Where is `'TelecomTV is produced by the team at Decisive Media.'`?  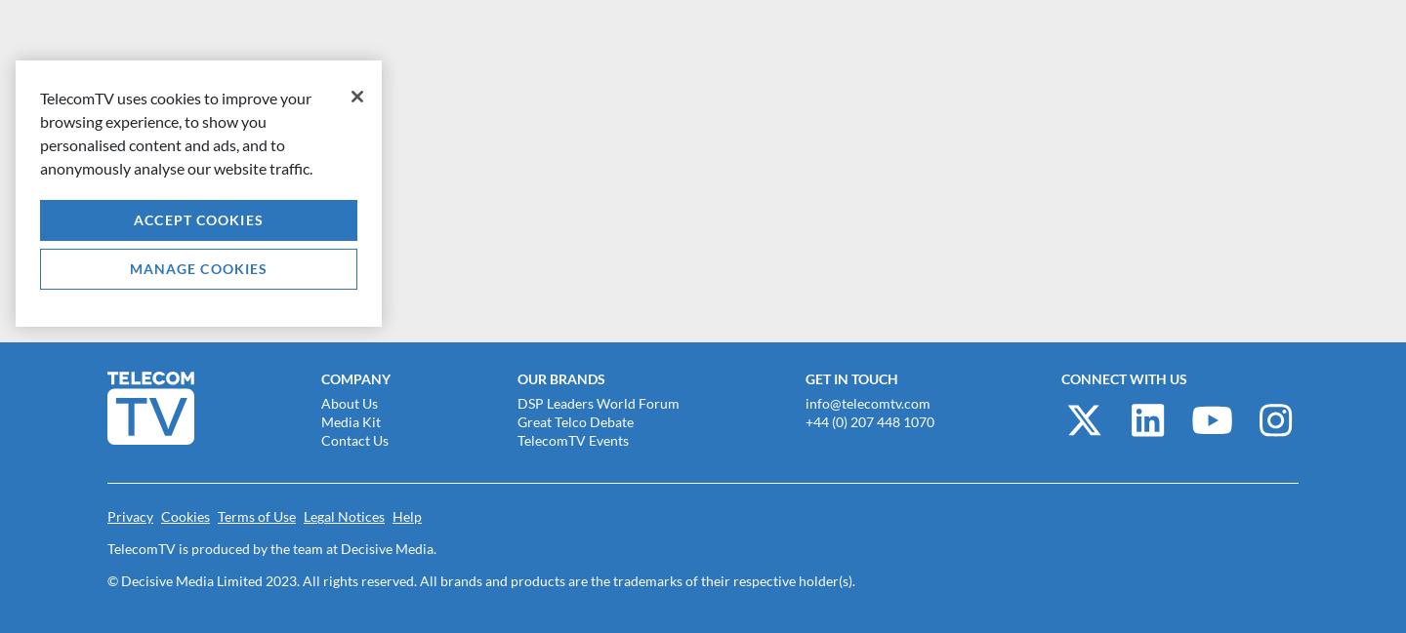
'TelecomTV is produced by the team at Decisive Media.' is located at coordinates (107, 547).